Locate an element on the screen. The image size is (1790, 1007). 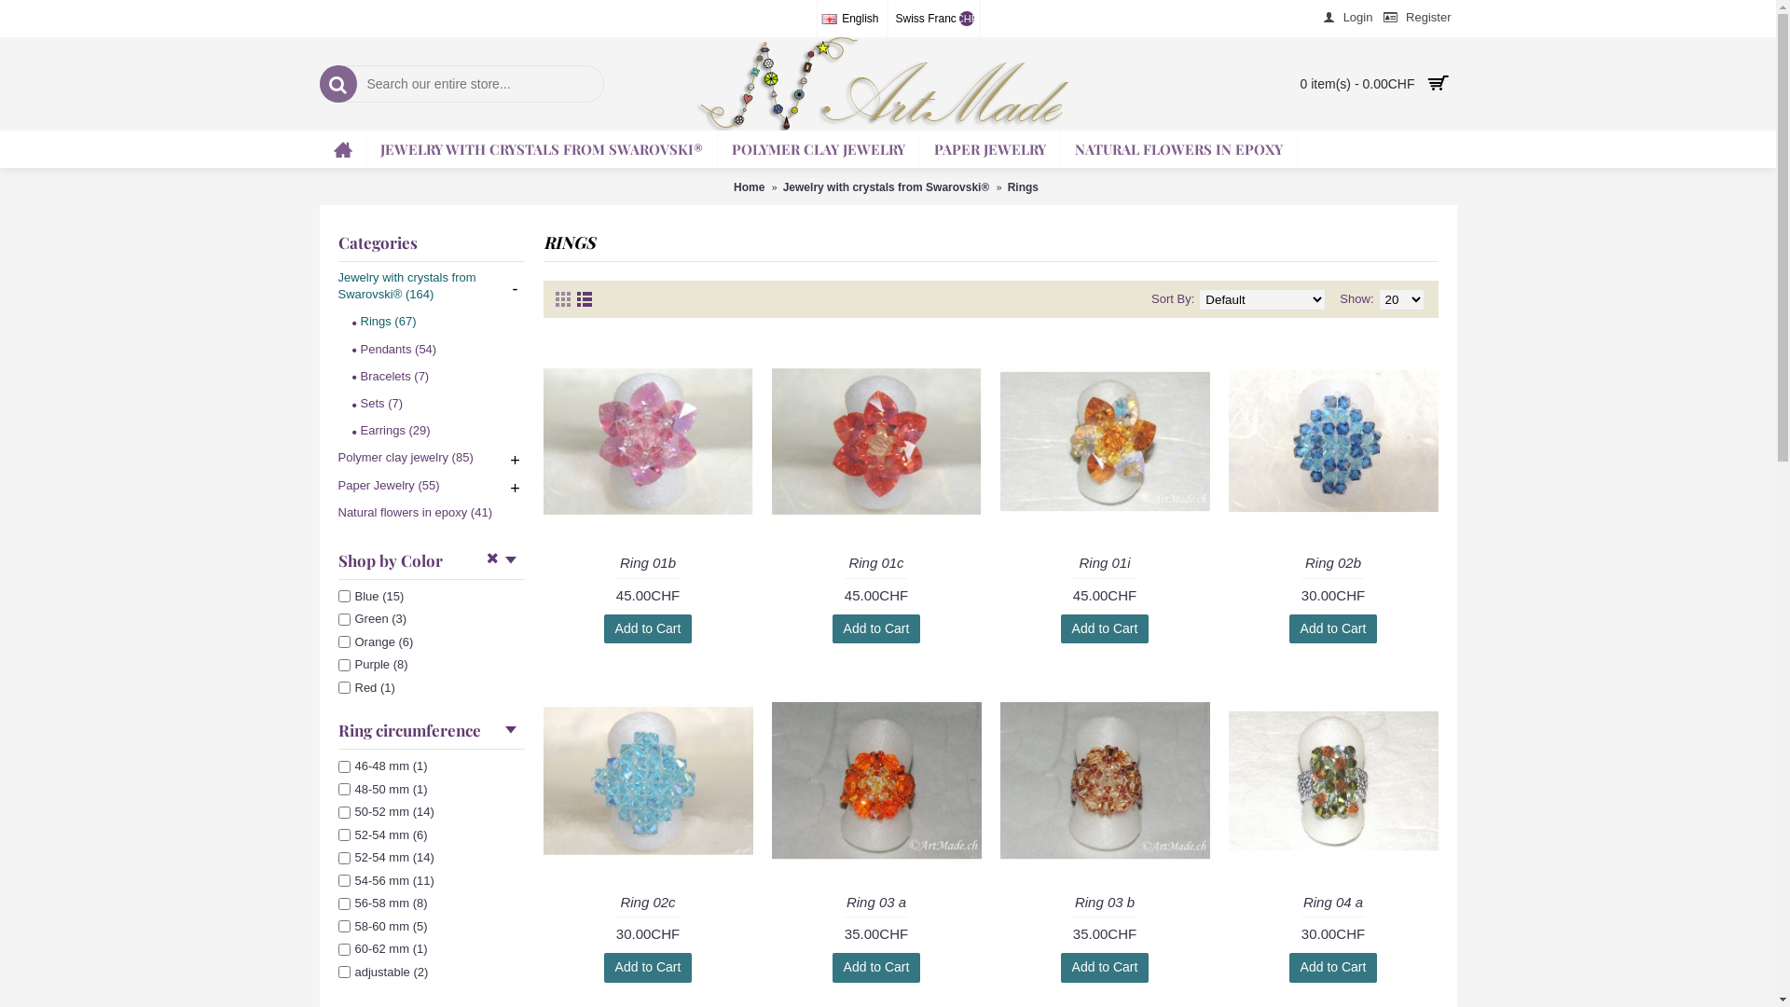
'PAPER JEWELRY' is located at coordinates (918, 147).